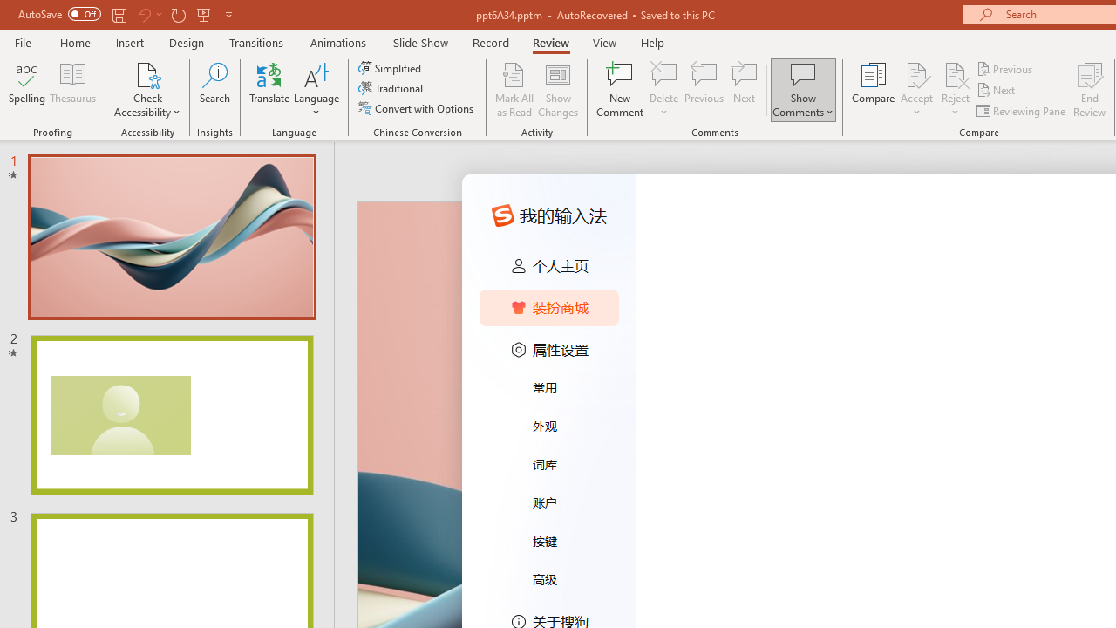 This screenshot has height=628, width=1116. What do you see at coordinates (558, 90) in the screenshot?
I see `'Show Changes'` at bounding box center [558, 90].